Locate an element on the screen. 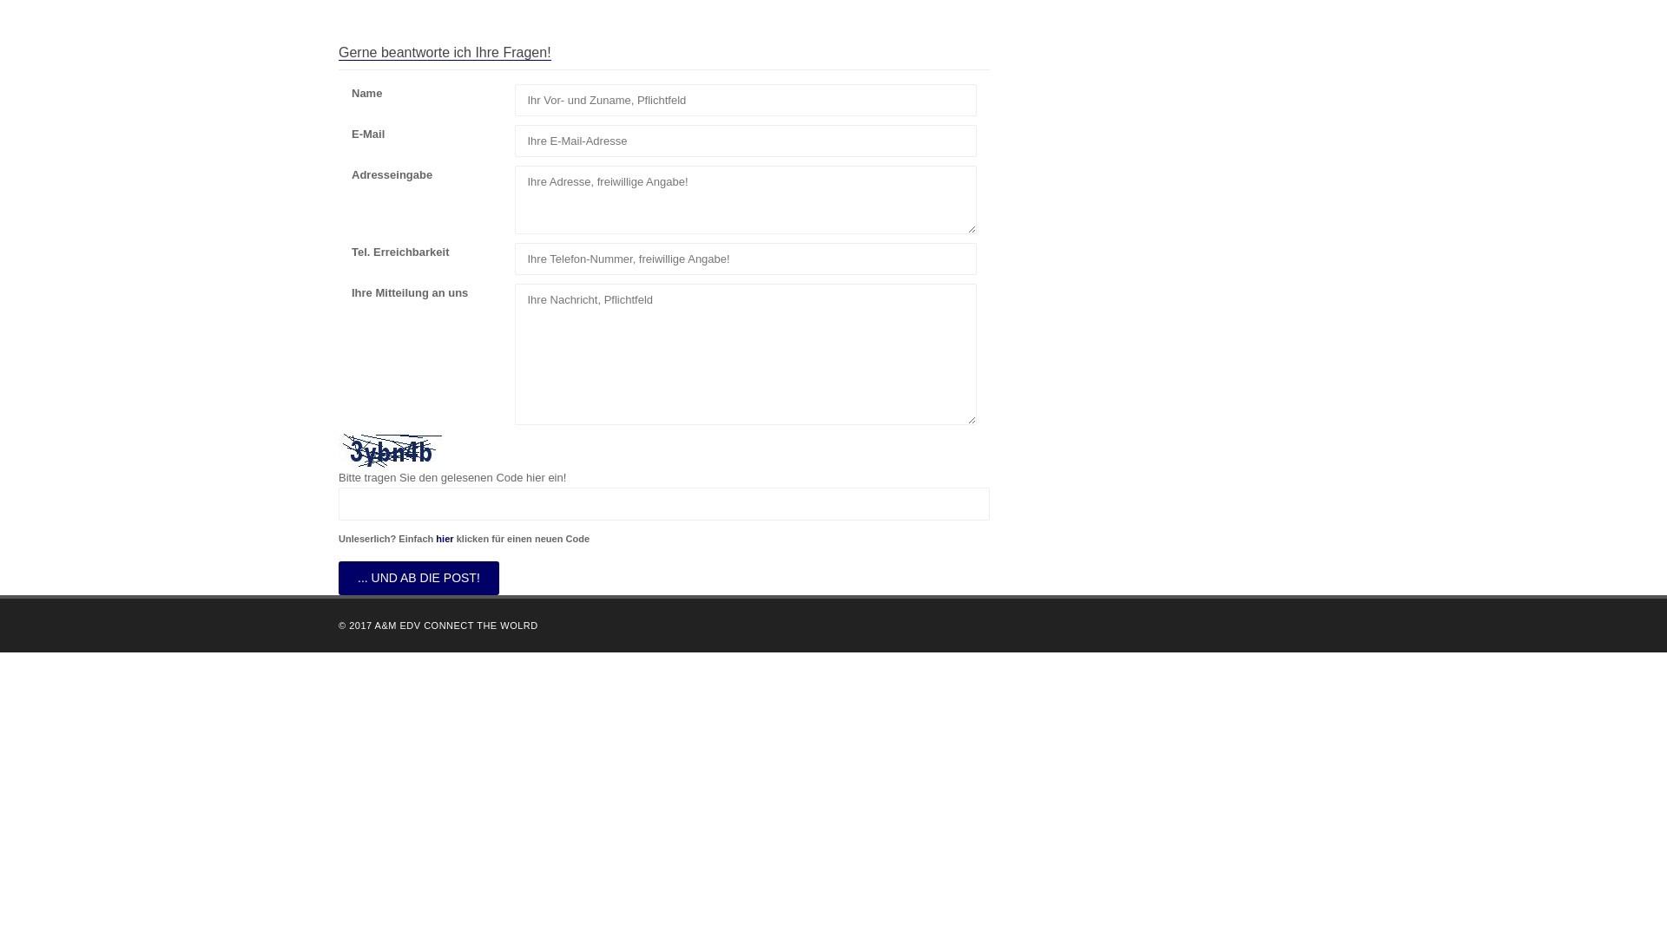 Image resolution: width=1667 pixels, height=937 pixels. 'hier' is located at coordinates (436, 538).